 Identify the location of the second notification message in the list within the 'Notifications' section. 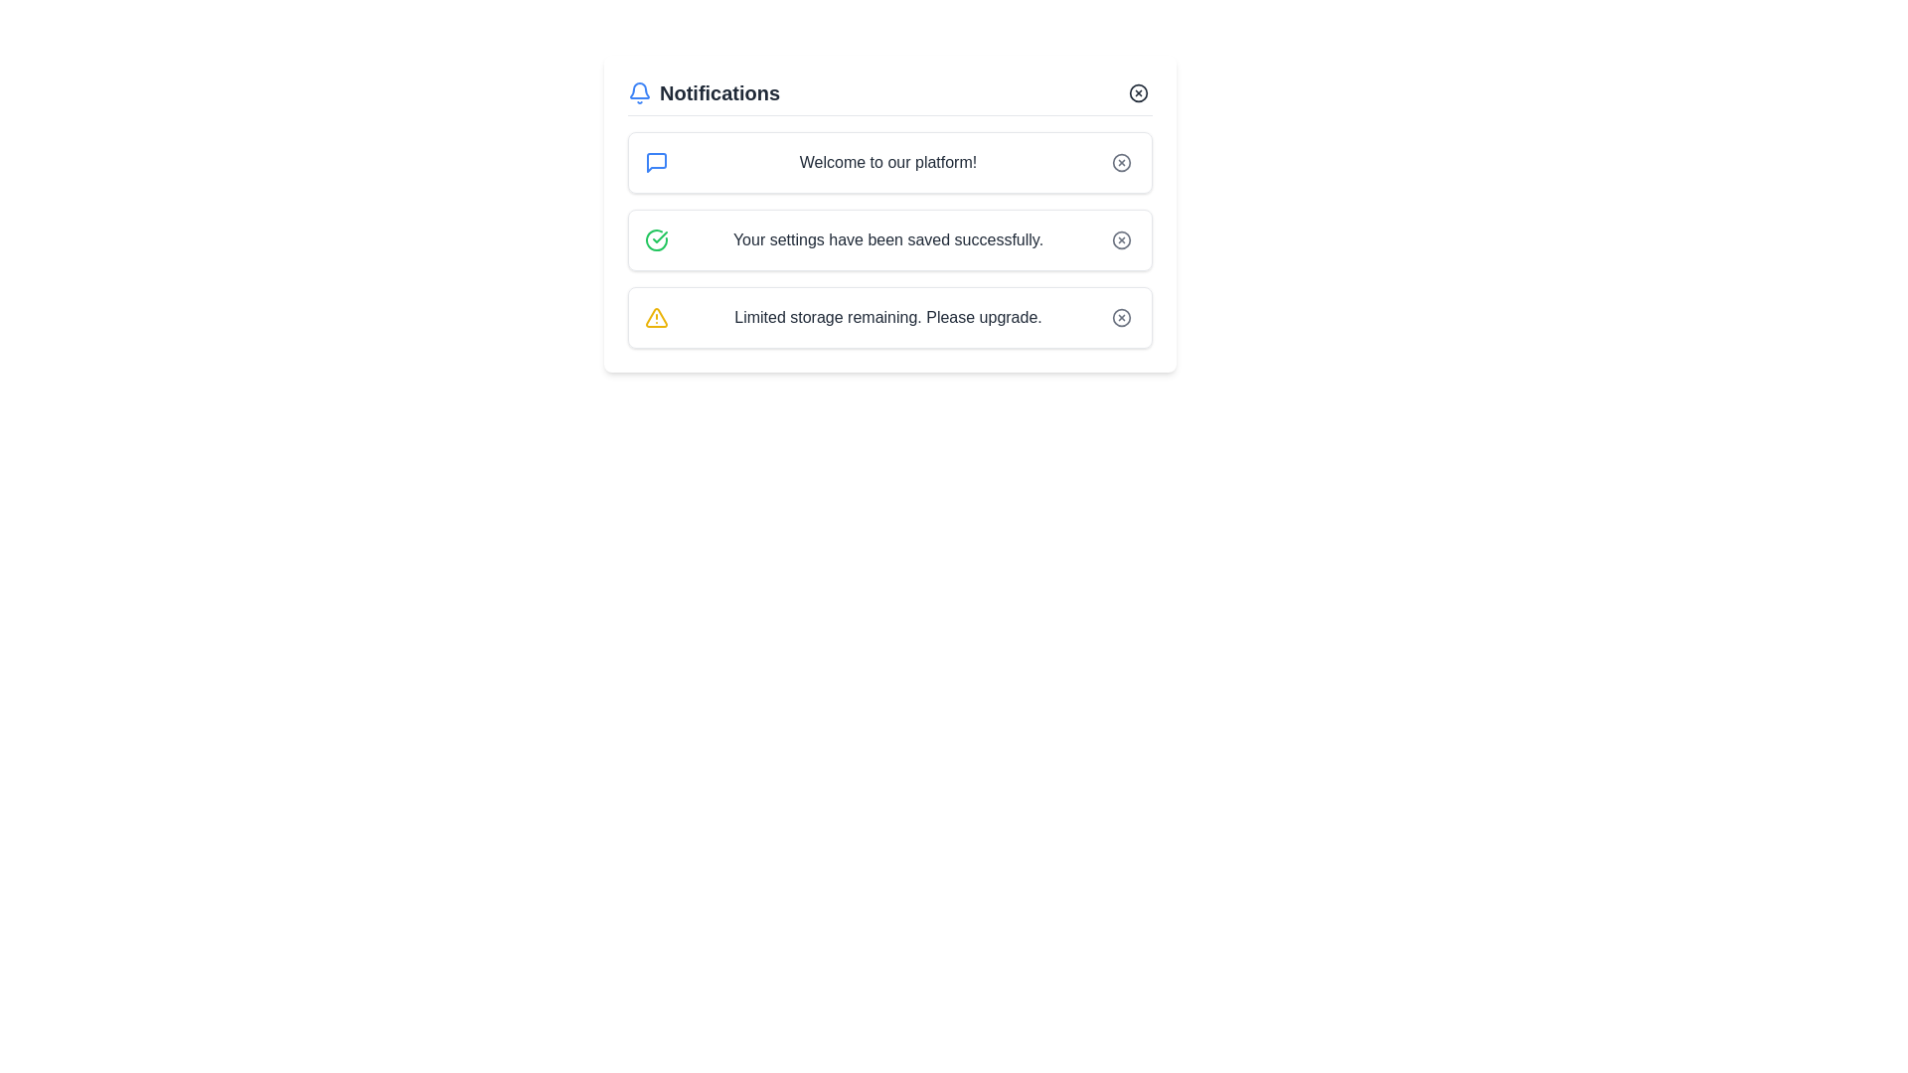
(889, 239).